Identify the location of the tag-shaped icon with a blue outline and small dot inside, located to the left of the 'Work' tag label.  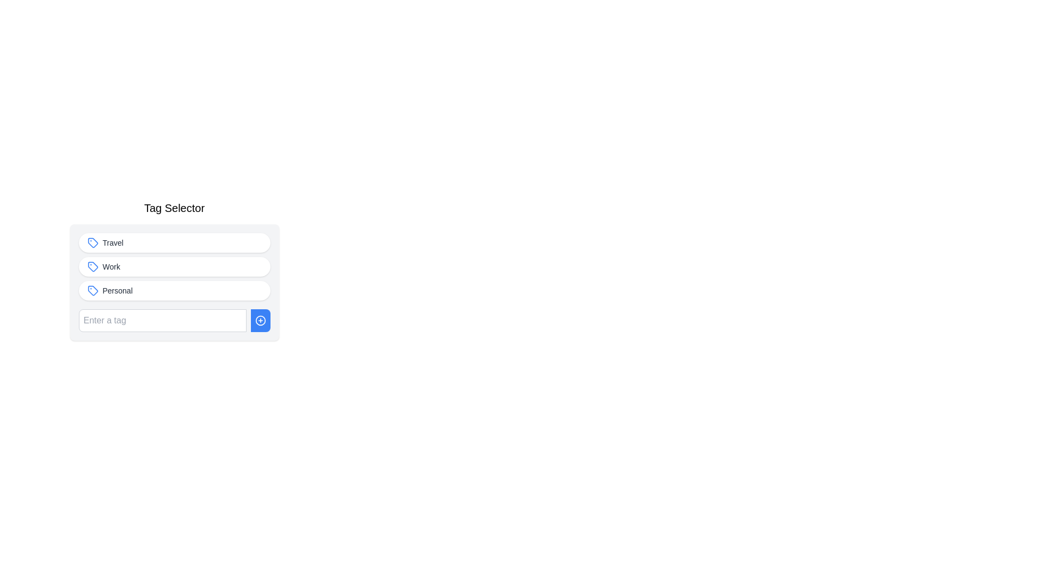
(93, 266).